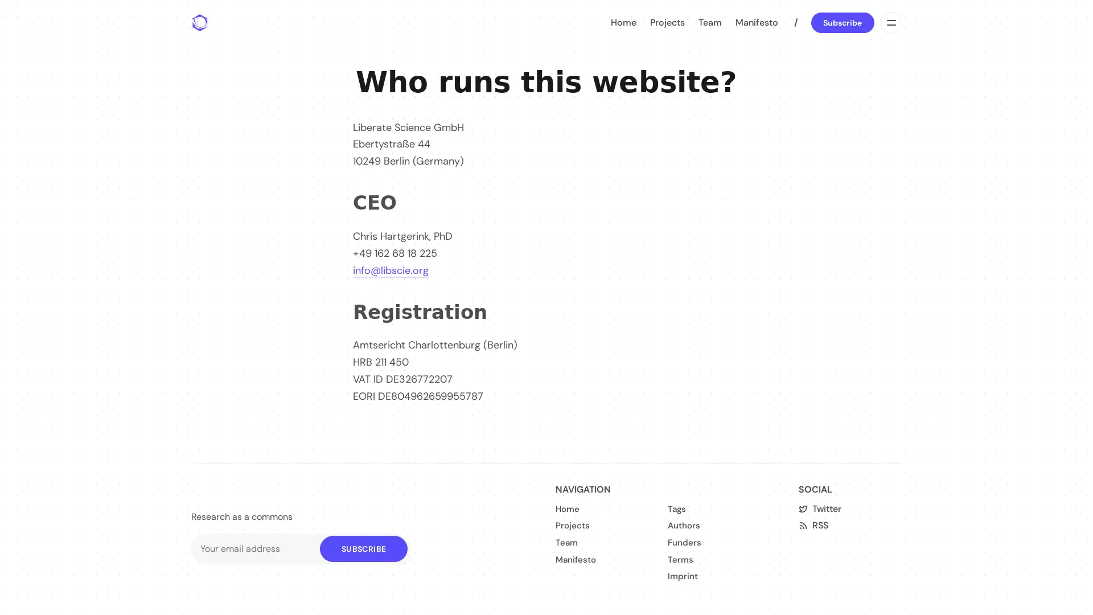 The image size is (1093, 615). Describe the element at coordinates (890, 22) in the screenshot. I see `Menu` at that location.